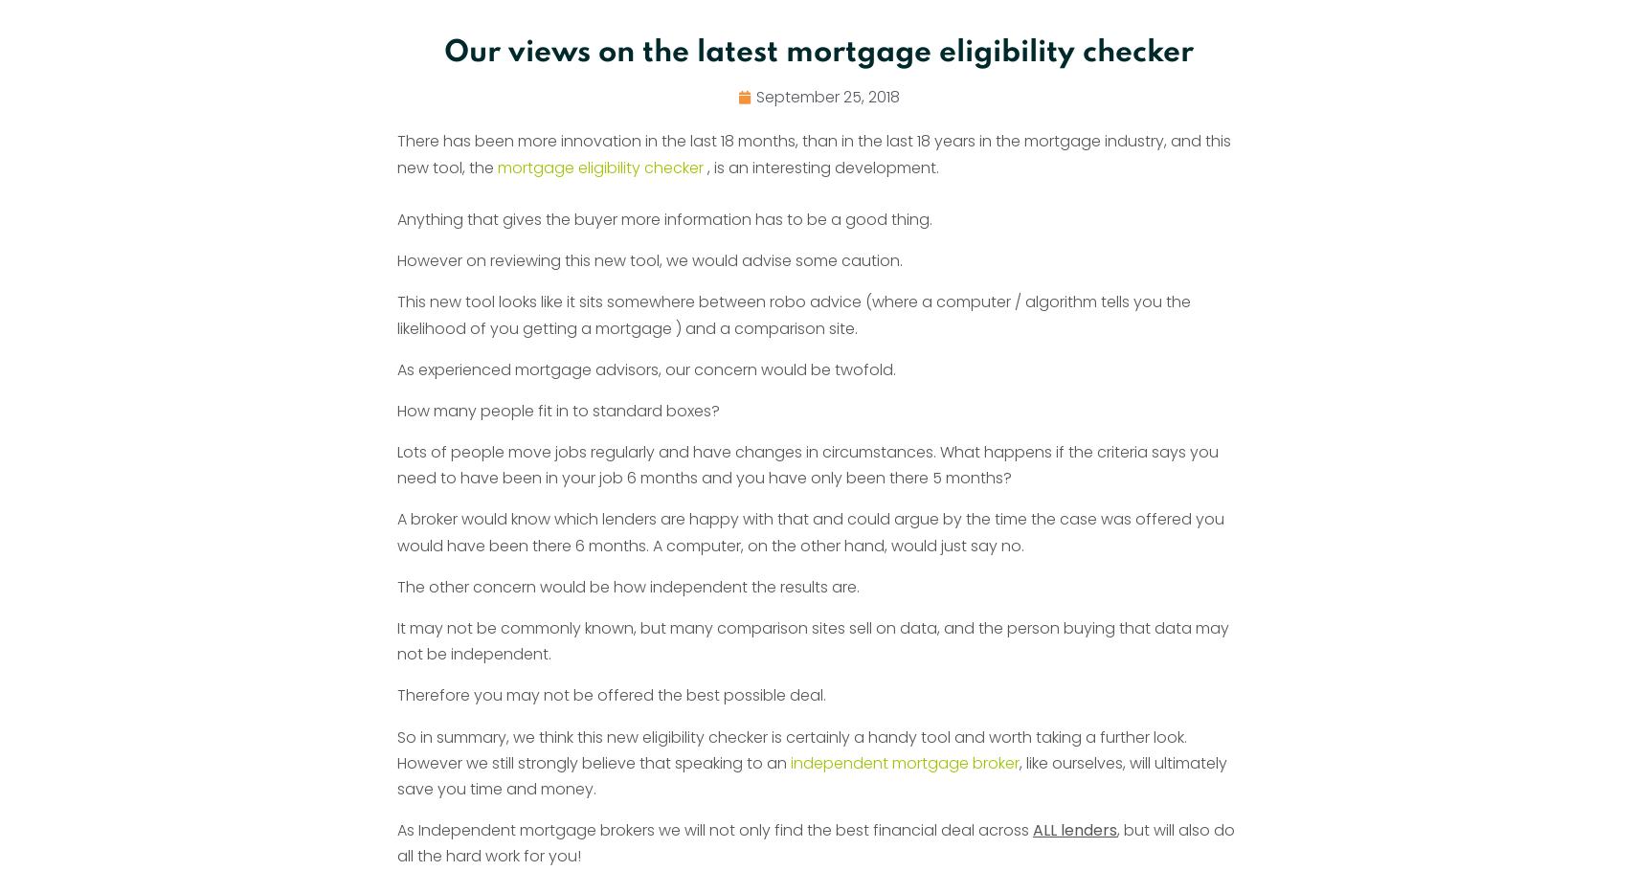 The width and height of the screenshot is (1637, 871). What do you see at coordinates (1125, 499) in the screenshot?
I see `'4 Trust Court Vision Park Histon'` at bounding box center [1125, 499].